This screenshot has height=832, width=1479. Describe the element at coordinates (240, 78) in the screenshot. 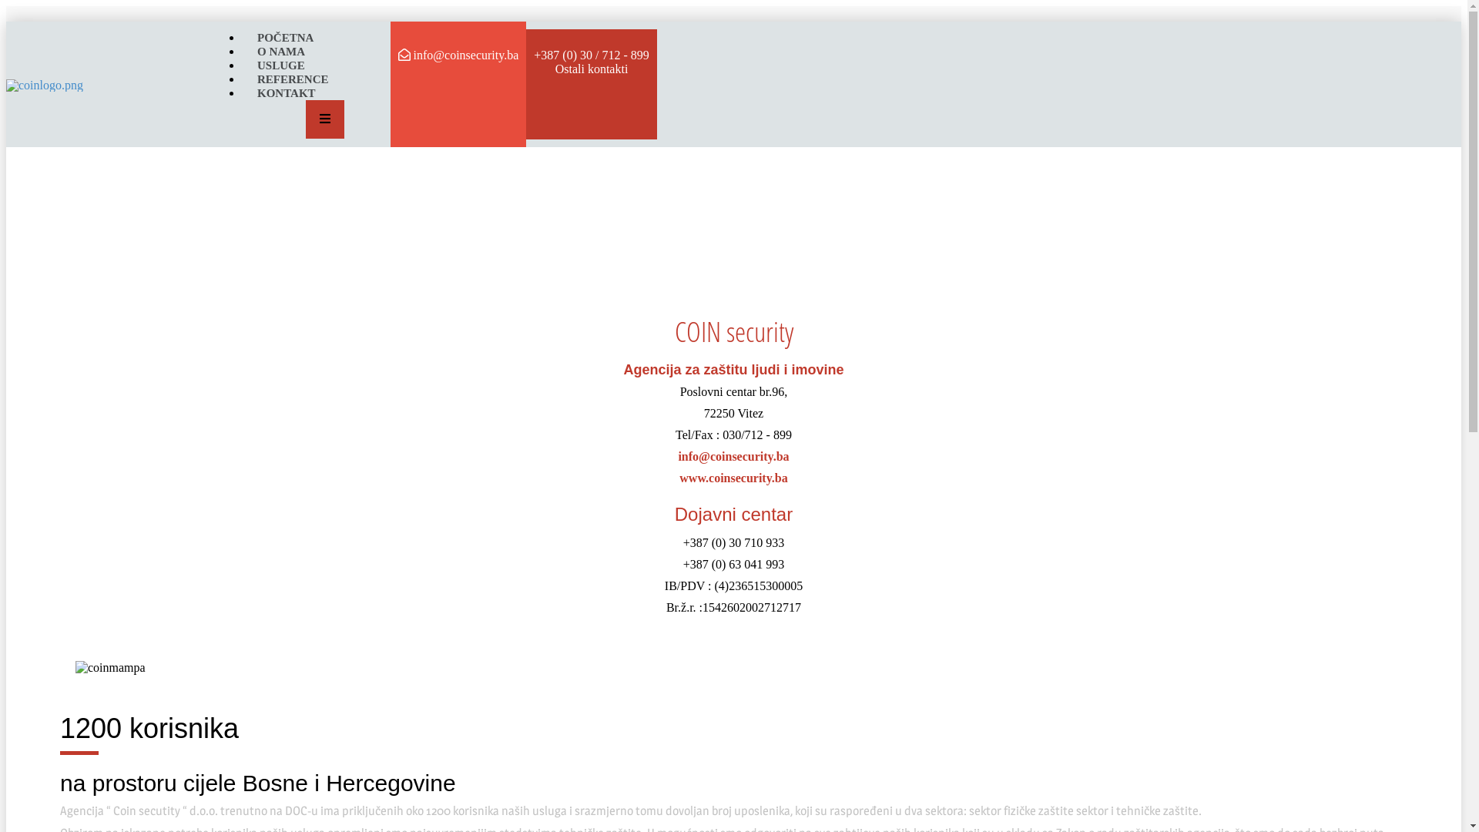

I see `'REFERENCE'` at that location.